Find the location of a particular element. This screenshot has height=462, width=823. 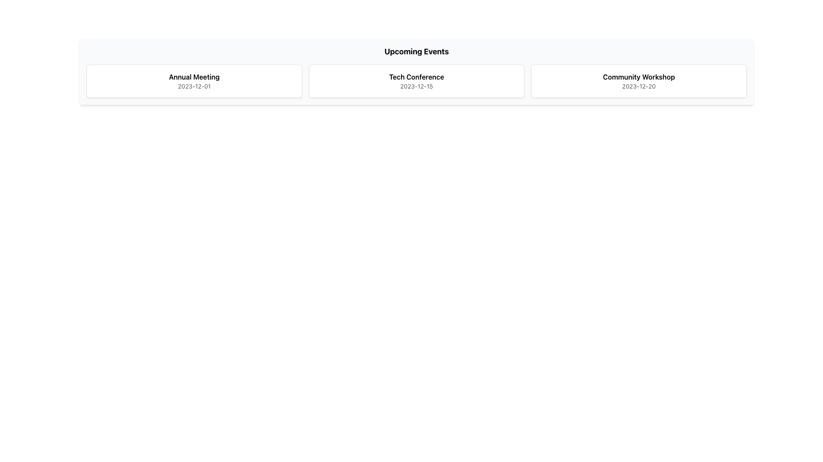

the Informational card element titled 'Annual Meeting' with the date '2023-12-01', which is the leftmost box in the row of event boxes within the 'Upcoming Events' section is located at coordinates (194, 81).